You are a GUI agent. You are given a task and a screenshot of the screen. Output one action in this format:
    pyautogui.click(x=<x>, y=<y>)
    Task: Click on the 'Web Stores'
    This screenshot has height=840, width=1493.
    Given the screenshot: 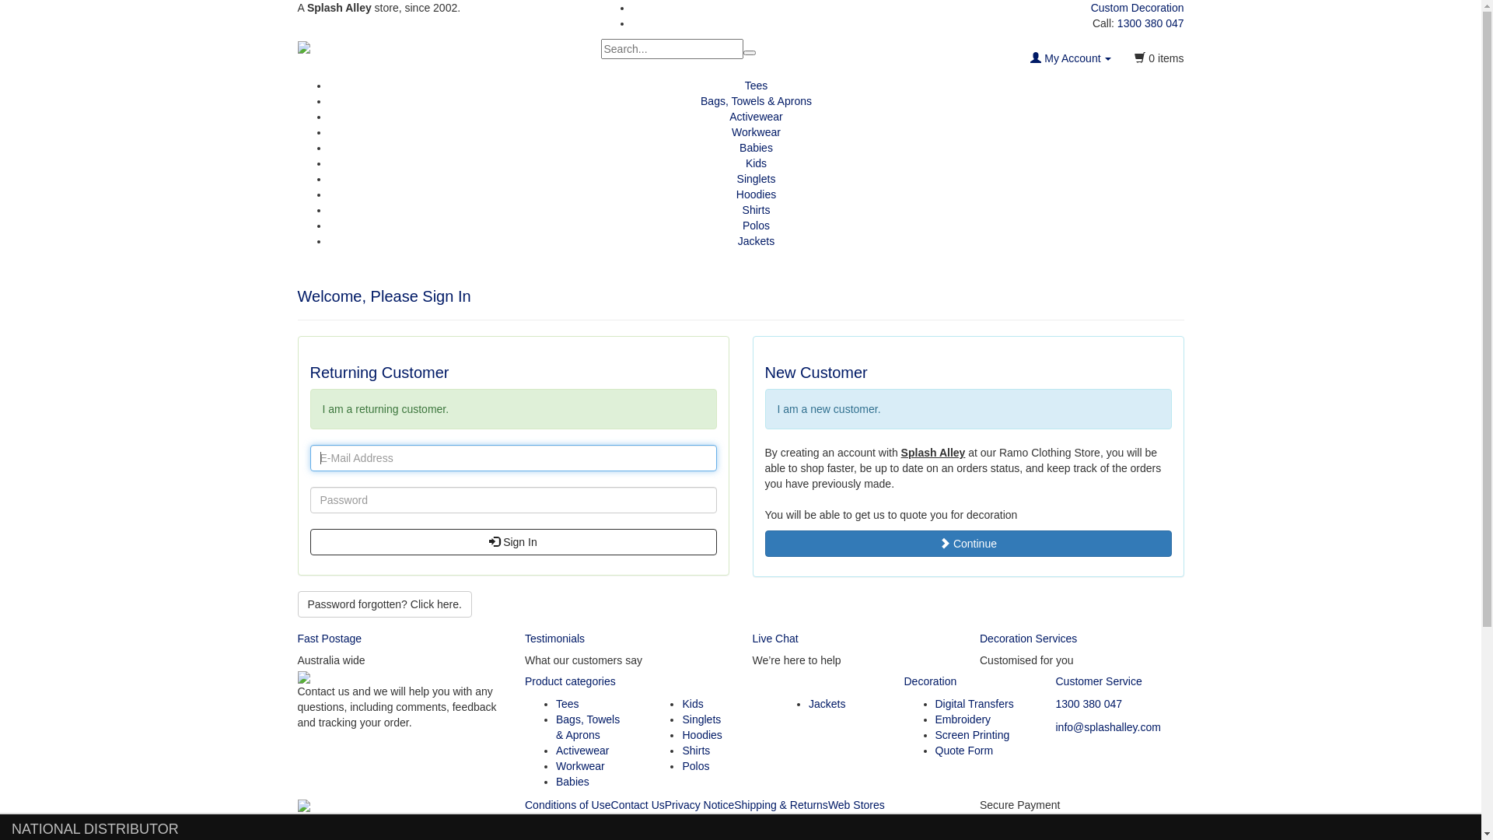 What is the action you would take?
    pyautogui.click(x=855, y=804)
    